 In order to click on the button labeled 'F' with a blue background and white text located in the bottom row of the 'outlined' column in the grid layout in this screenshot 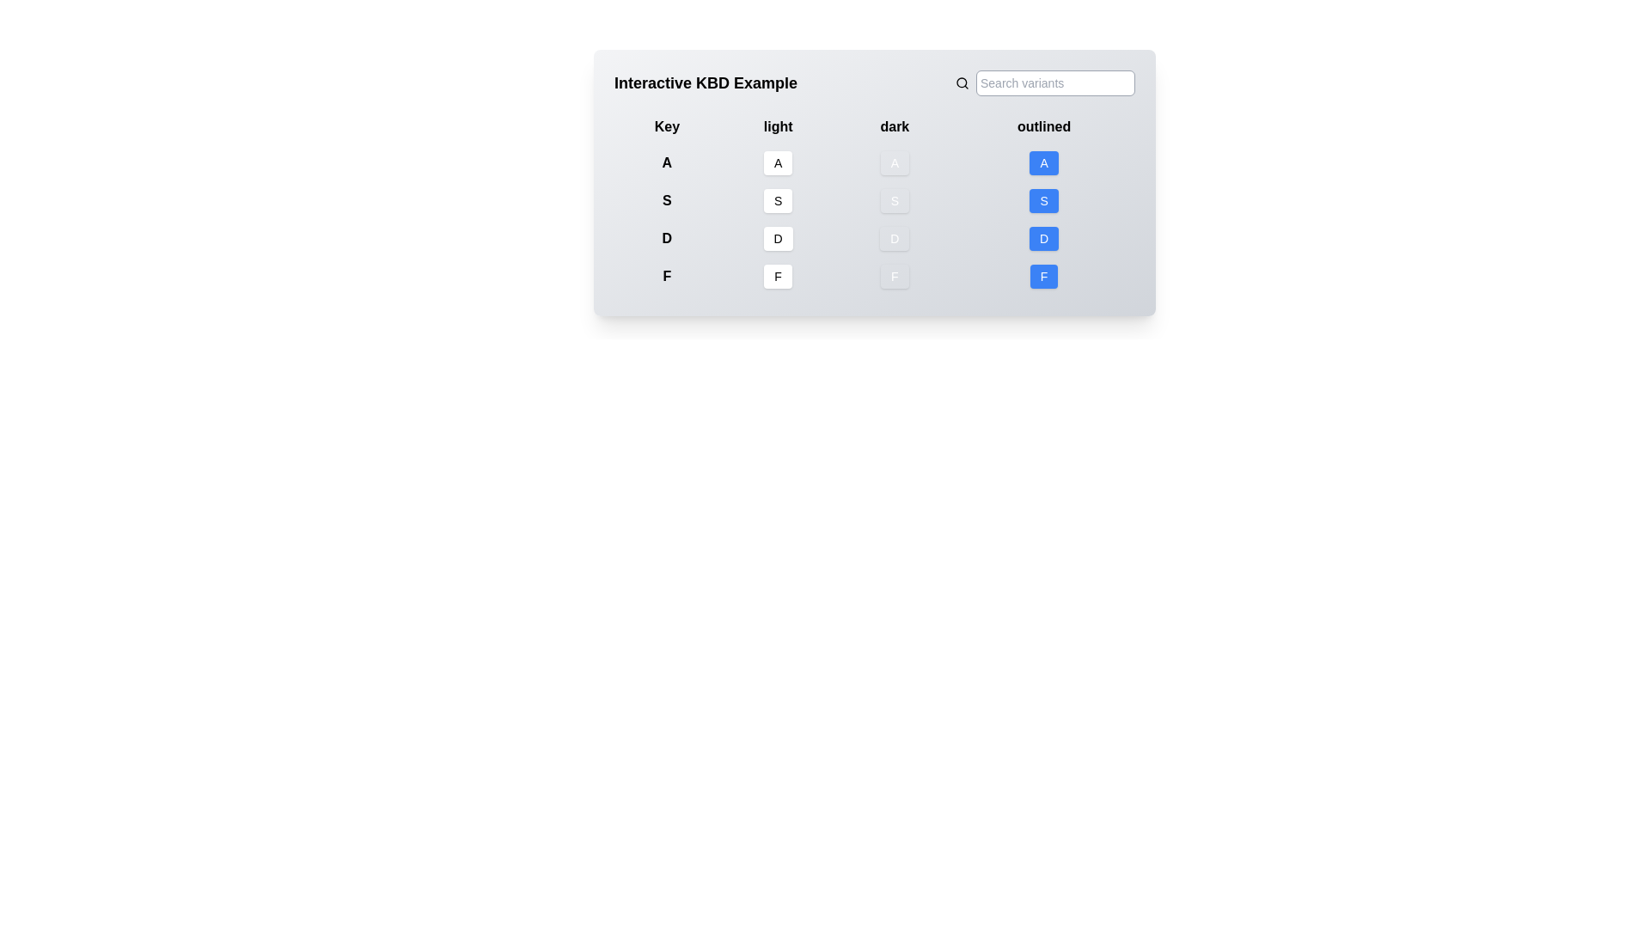, I will do `click(1043, 275)`.